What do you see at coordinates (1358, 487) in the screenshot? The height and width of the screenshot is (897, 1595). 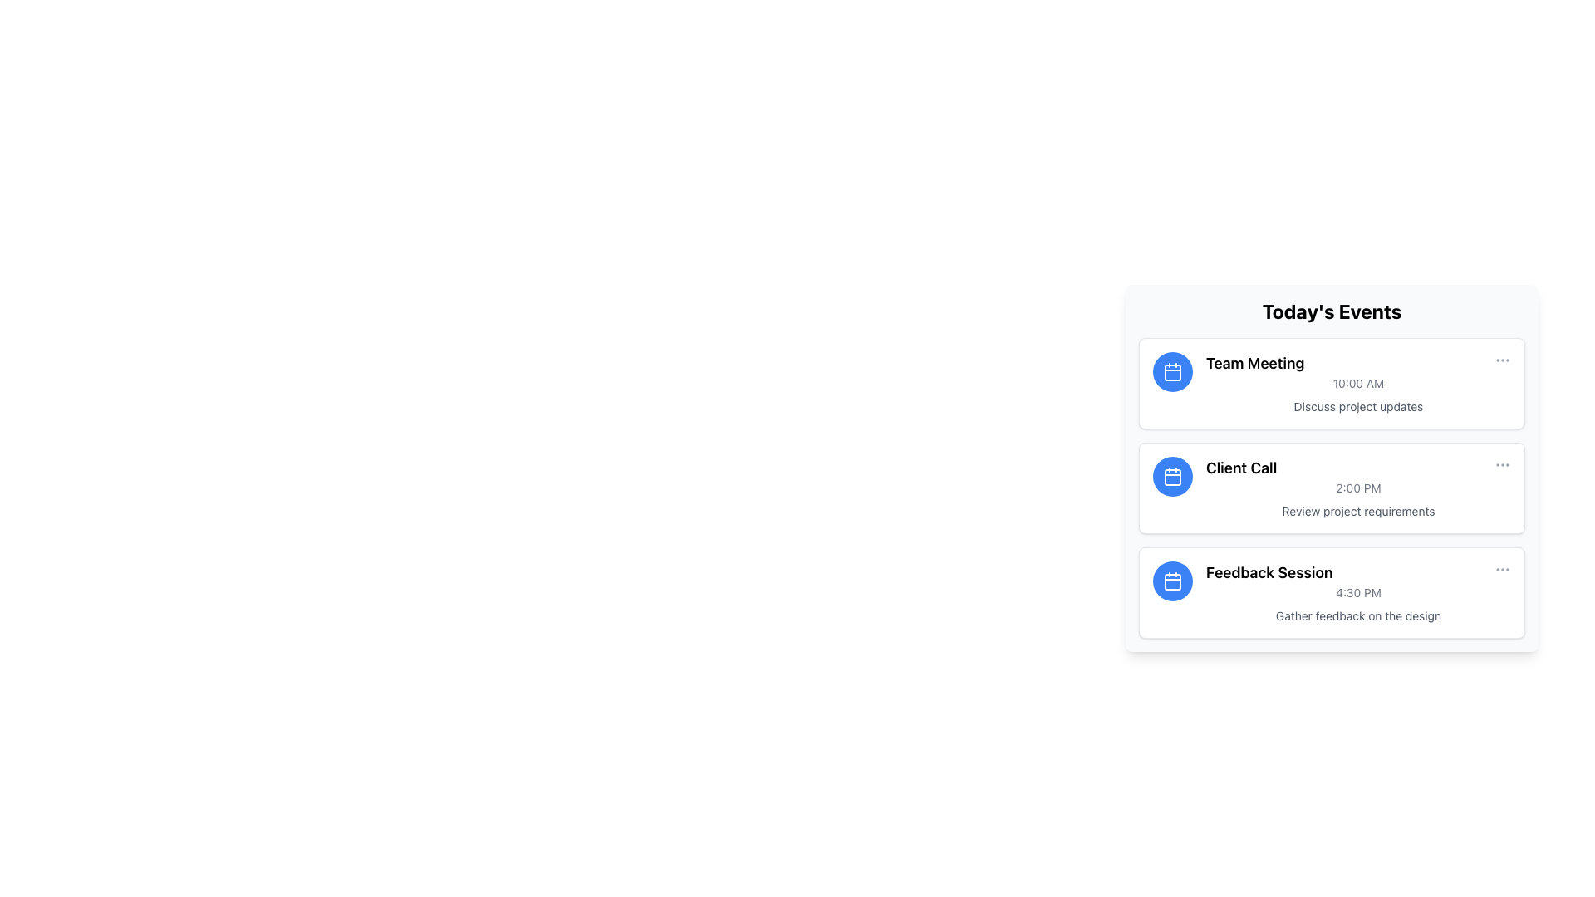 I see `on the middle event in the vertical list under 'Today's Events'` at bounding box center [1358, 487].